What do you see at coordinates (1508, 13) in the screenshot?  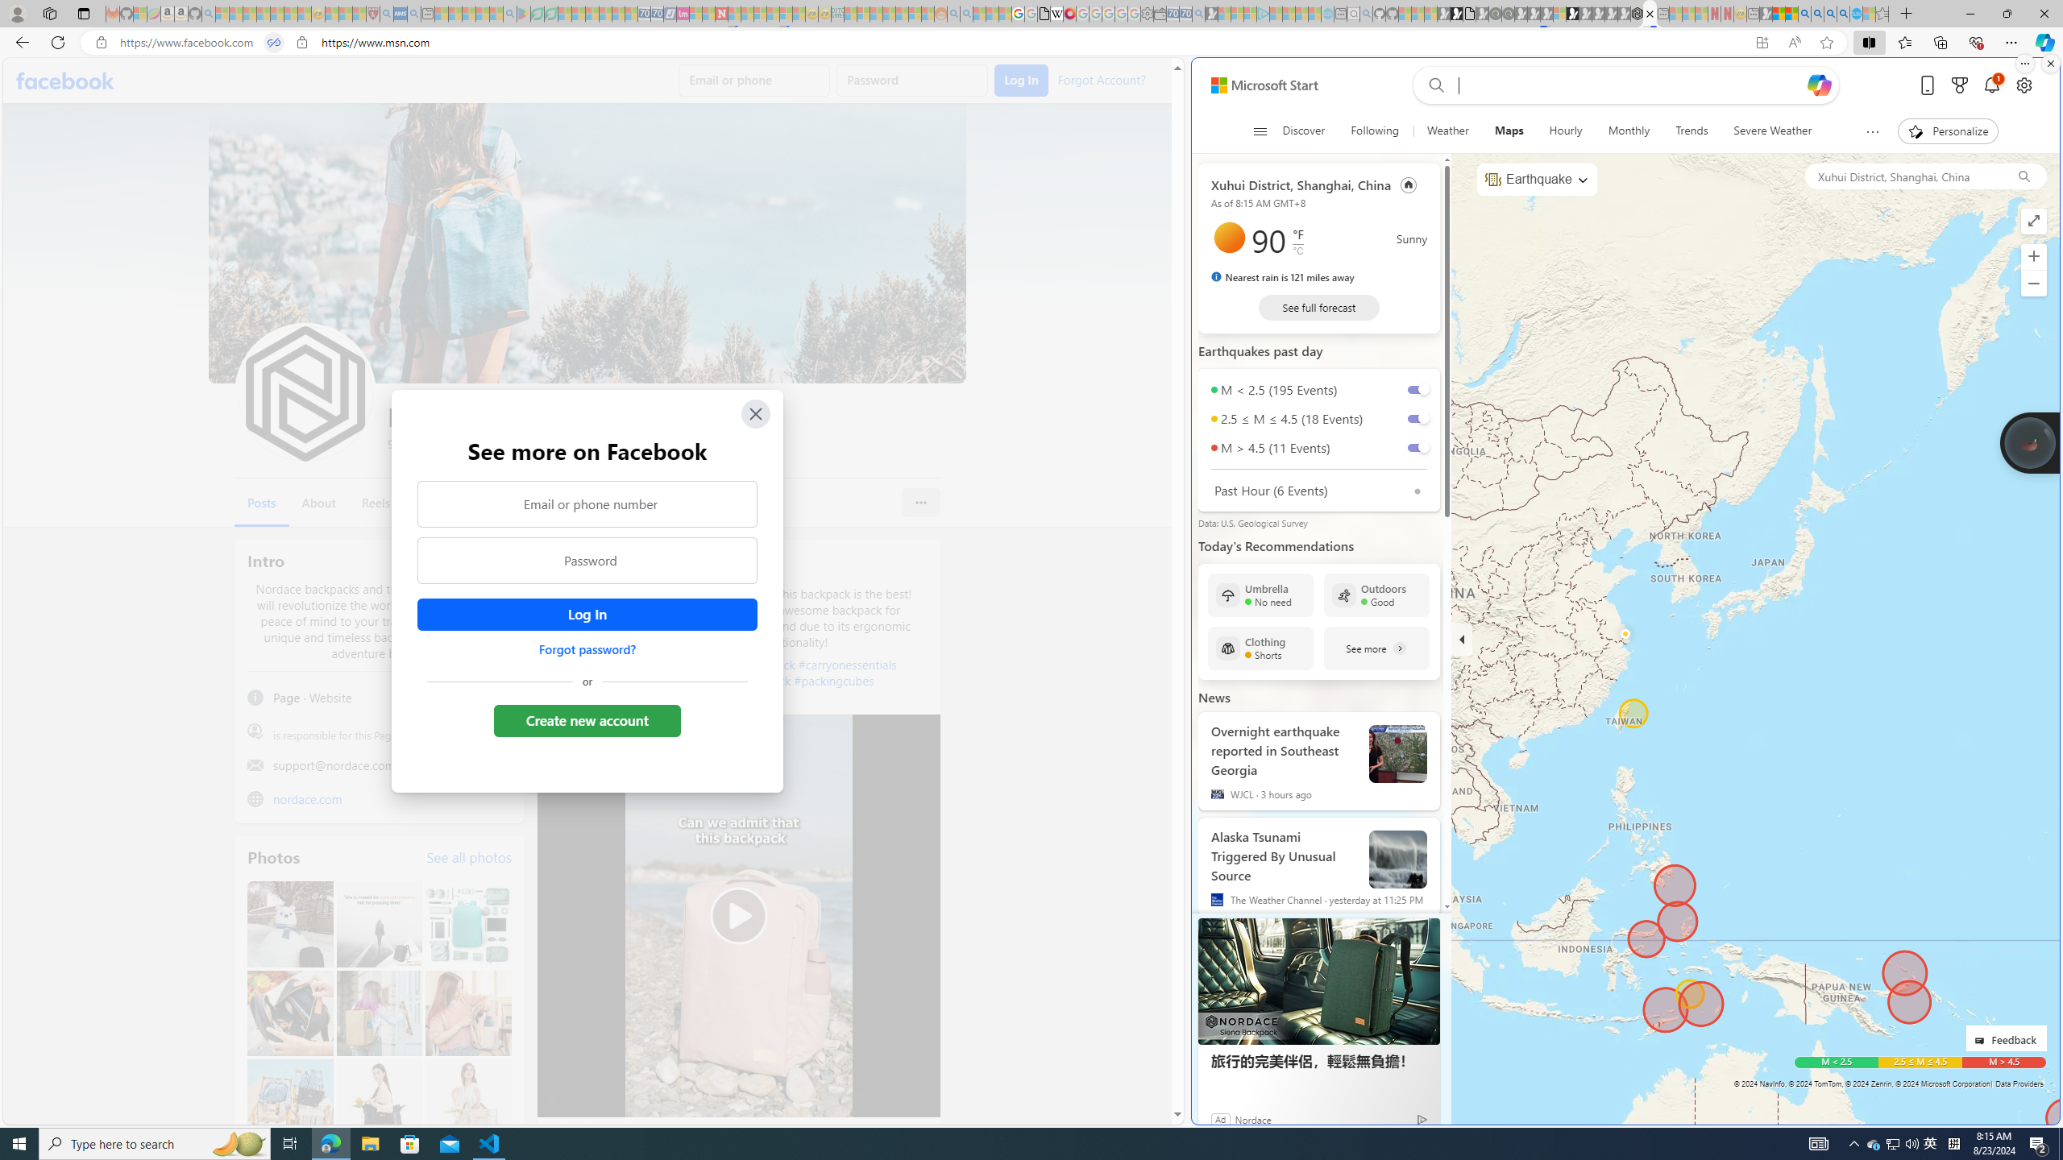 I see `'Future Focus Report 2024 - Sleeping'` at bounding box center [1508, 13].